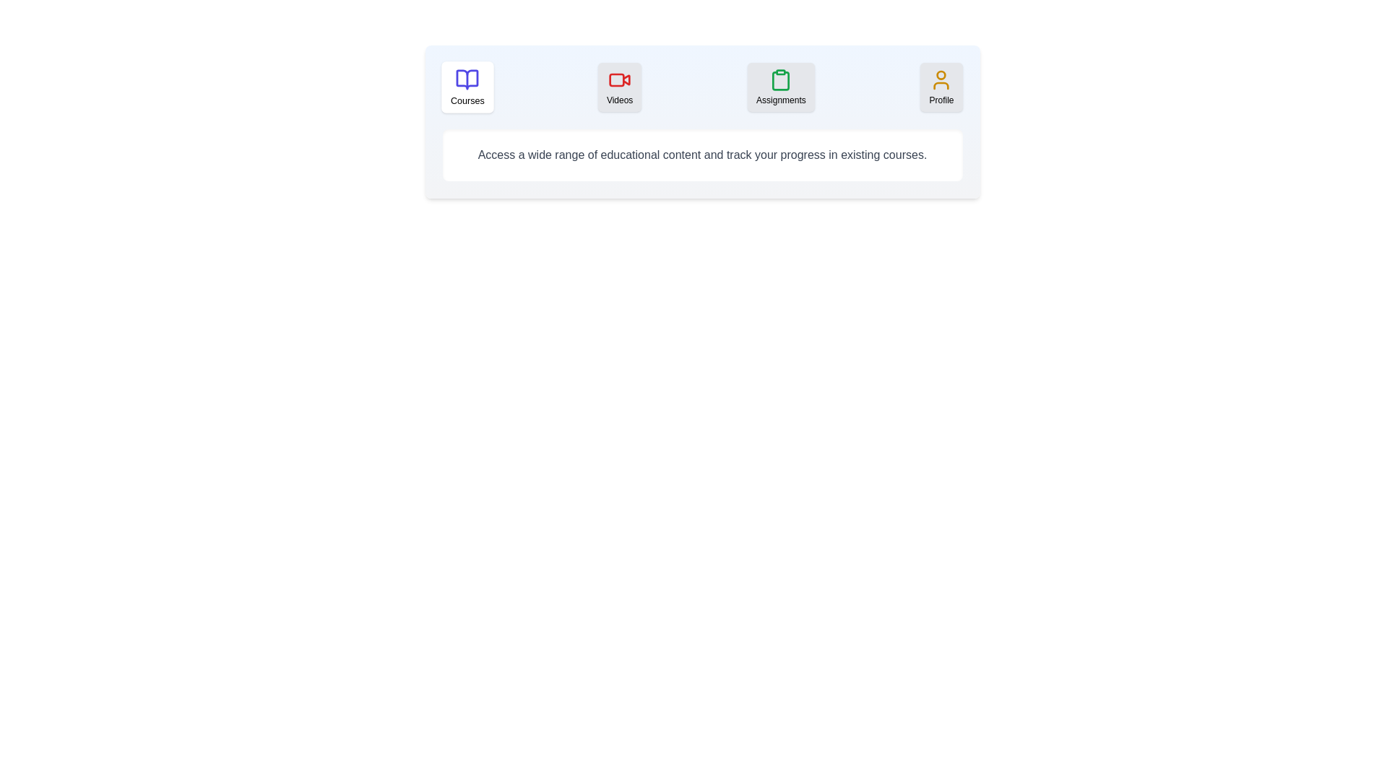  I want to click on the tab labeled Assignments, so click(780, 87).